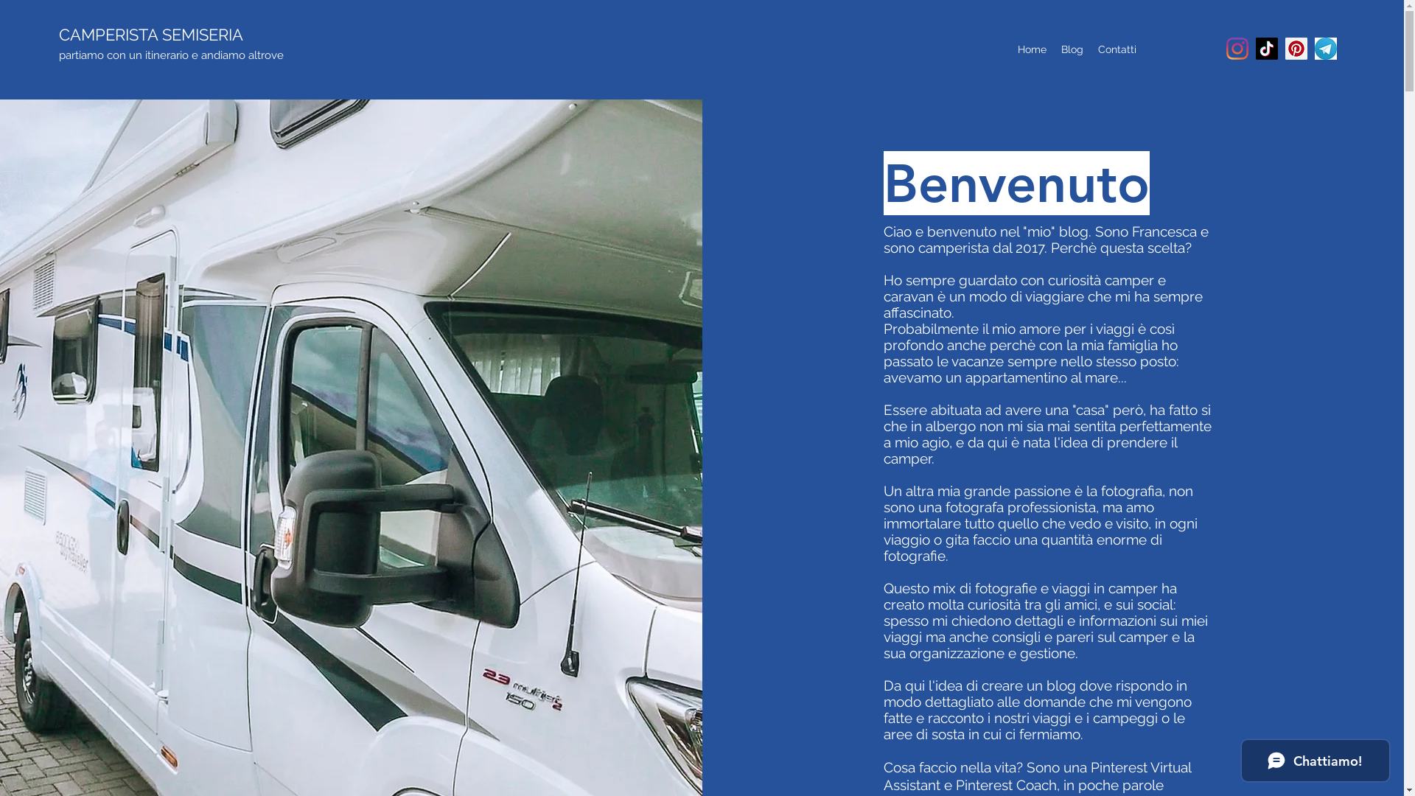 Image resolution: width=1415 pixels, height=796 pixels. Describe the element at coordinates (1117, 48) in the screenshot. I see `'Contatti'` at that location.